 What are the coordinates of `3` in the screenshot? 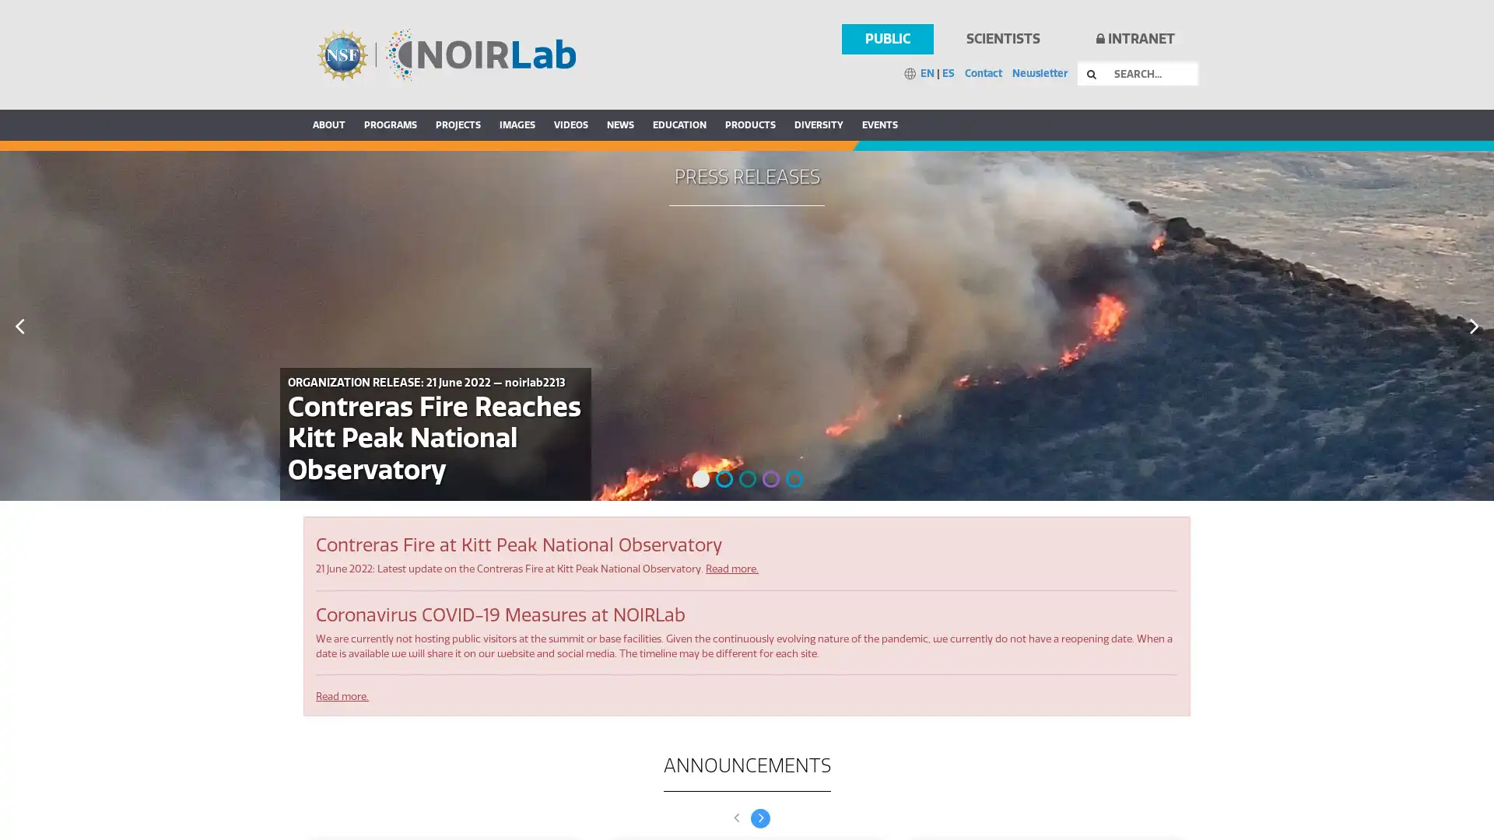 It's located at (747, 478).